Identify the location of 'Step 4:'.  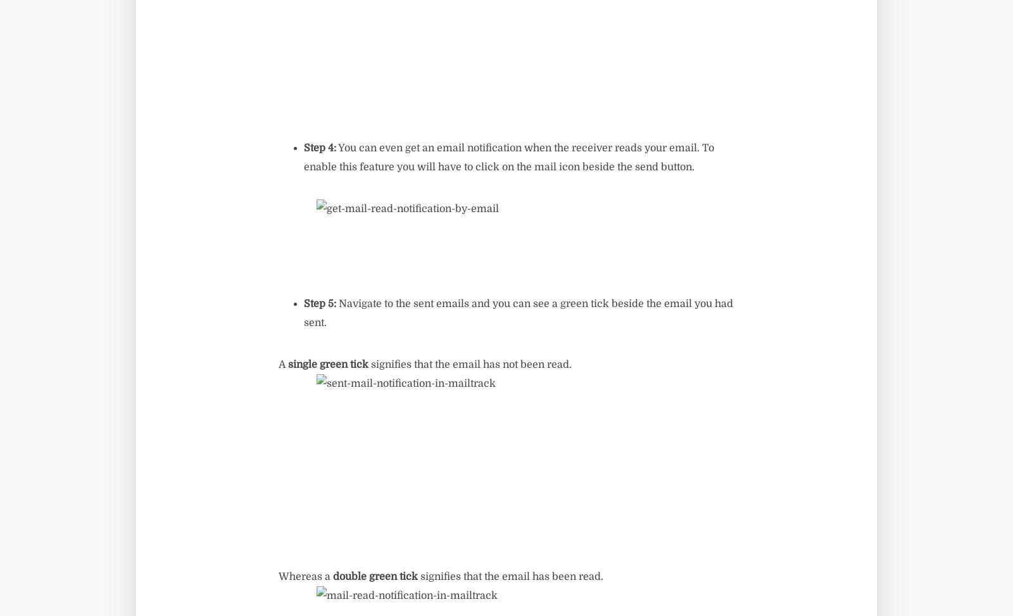
(319, 147).